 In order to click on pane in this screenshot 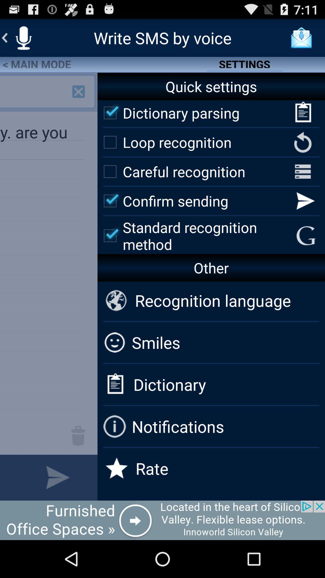, I will do `click(78, 91)`.